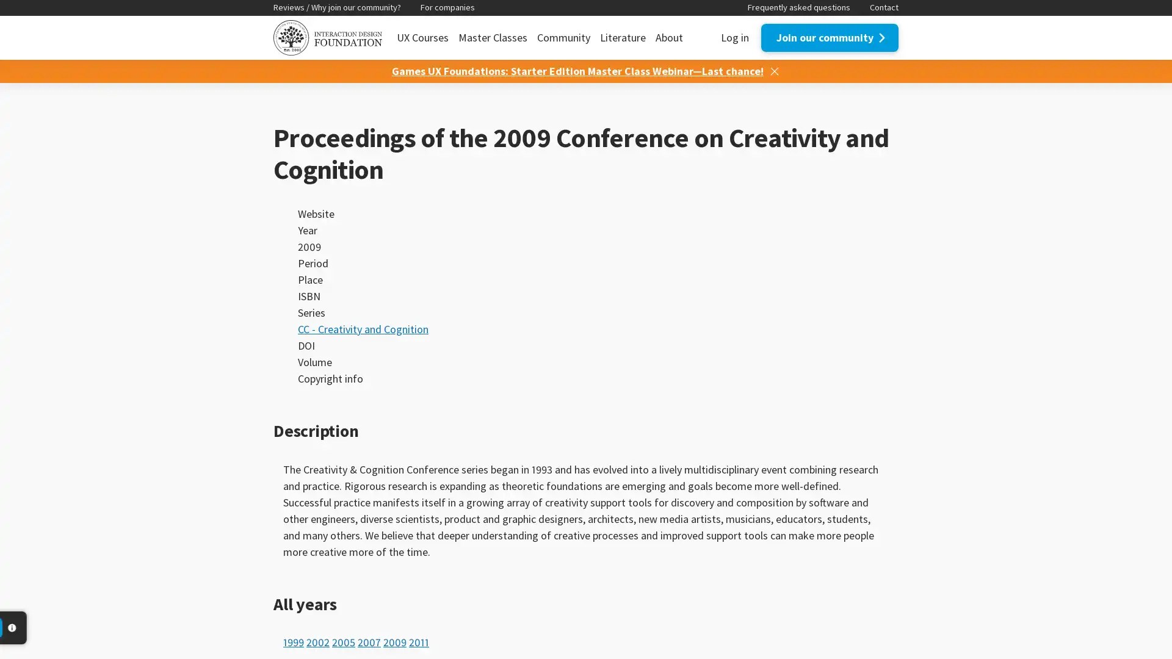 This screenshot has height=659, width=1172. What do you see at coordinates (773, 70) in the screenshot?
I see `Hide message` at bounding box center [773, 70].